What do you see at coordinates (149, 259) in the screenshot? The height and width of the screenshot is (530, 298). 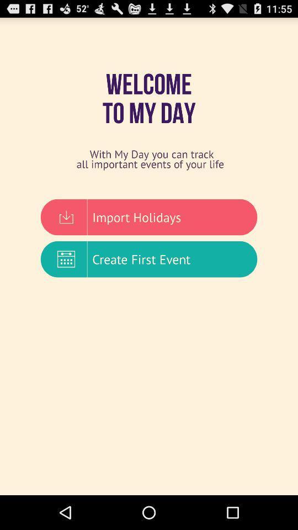 I see `create first event` at bounding box center [149, 259].